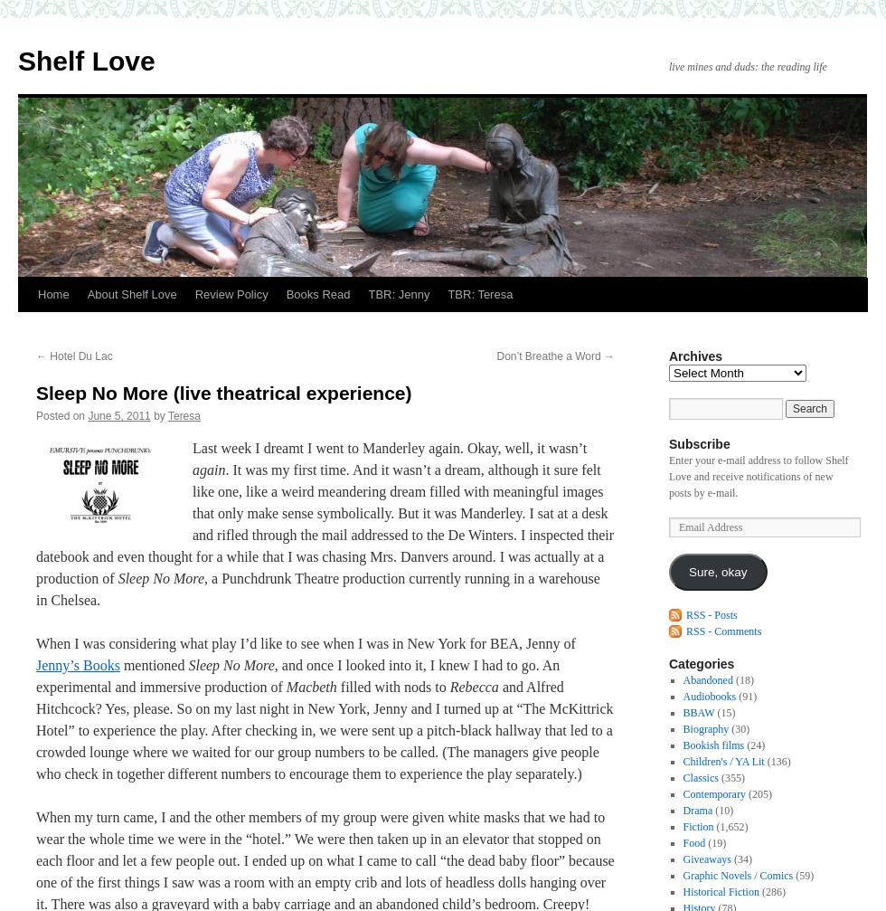 This screenshot has width=886, height=911. What do you see at coordinates (803, 875) in the screenshot?
I see `'(59)'` at bounding box center [803, 875].